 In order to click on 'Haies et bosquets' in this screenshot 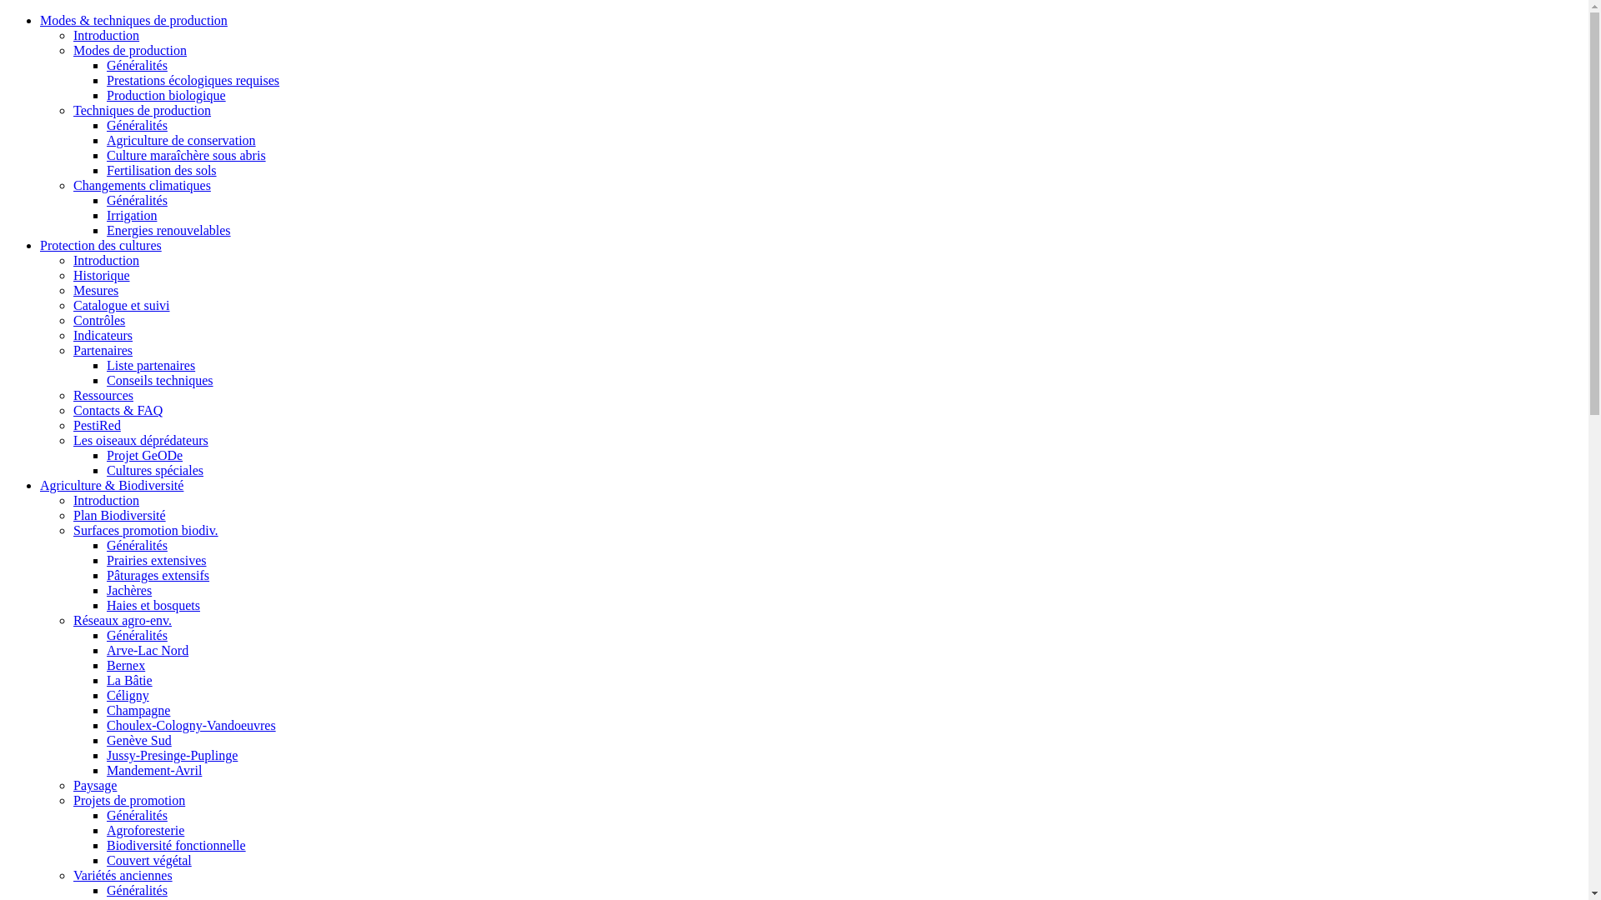, I will do `click(106, 605)`.